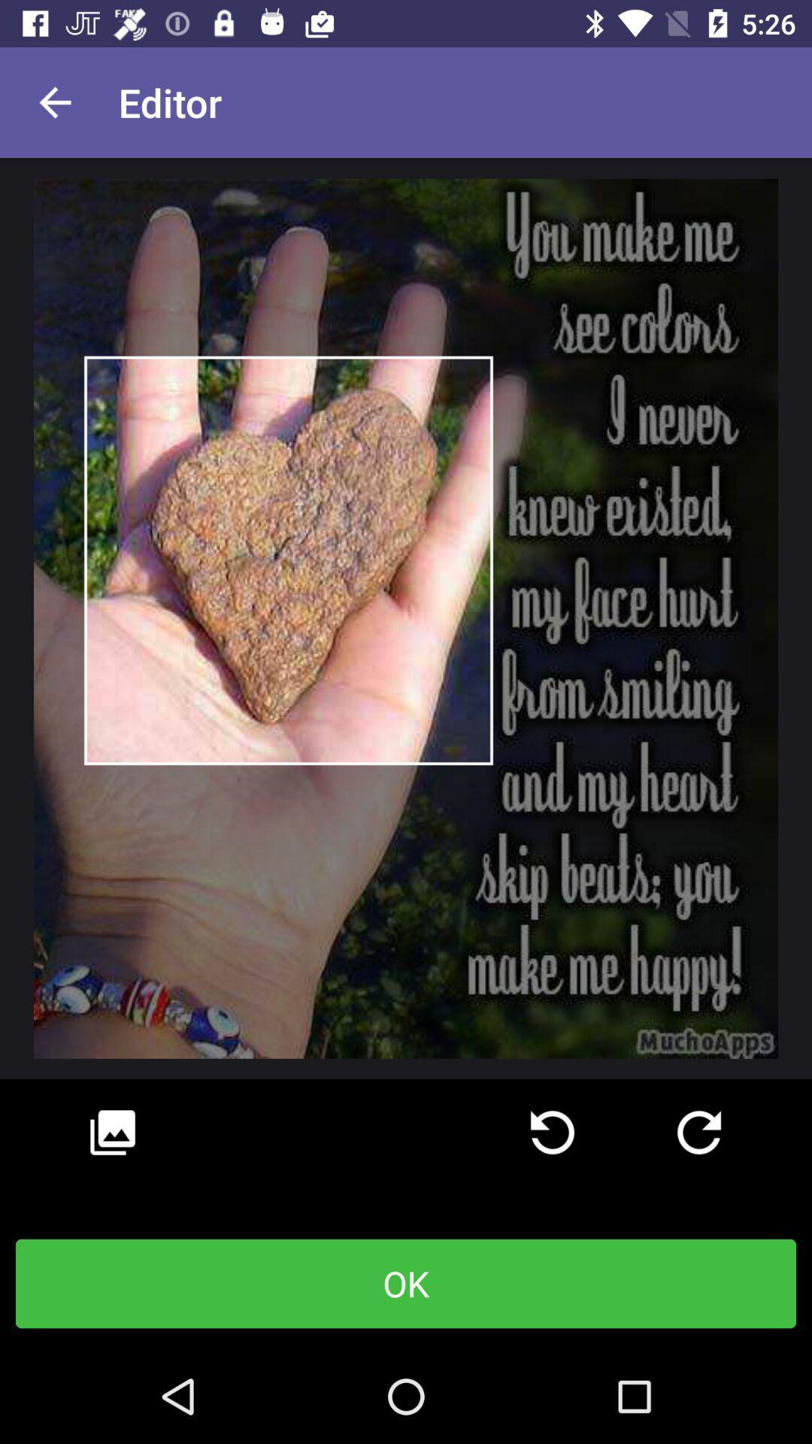 This screenshot has height=1444, width=812. Describe the element at coordinates (698, 1133) in the screenshot. I see `switch re-play option` at that location.